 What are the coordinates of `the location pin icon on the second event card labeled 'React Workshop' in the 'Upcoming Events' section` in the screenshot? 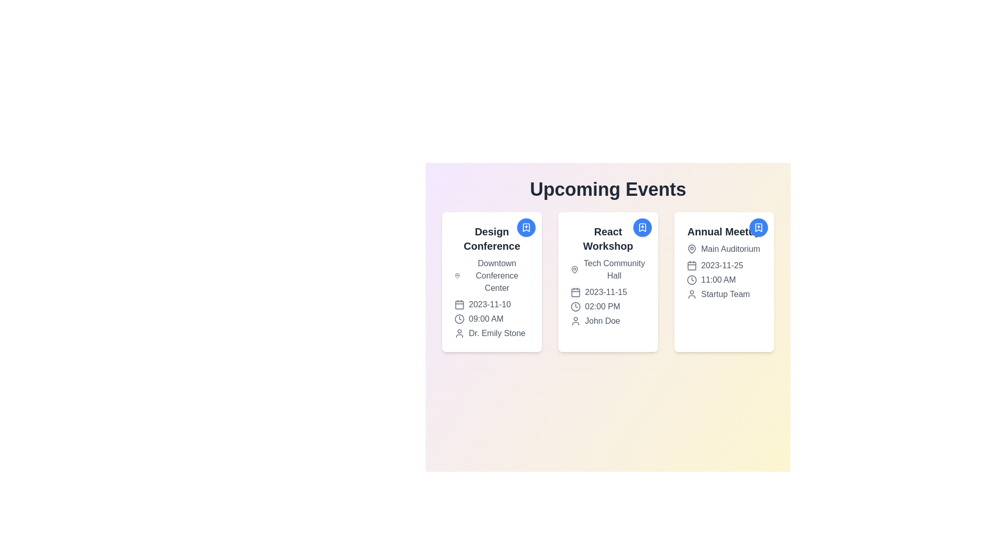 It's located at (574, 269).